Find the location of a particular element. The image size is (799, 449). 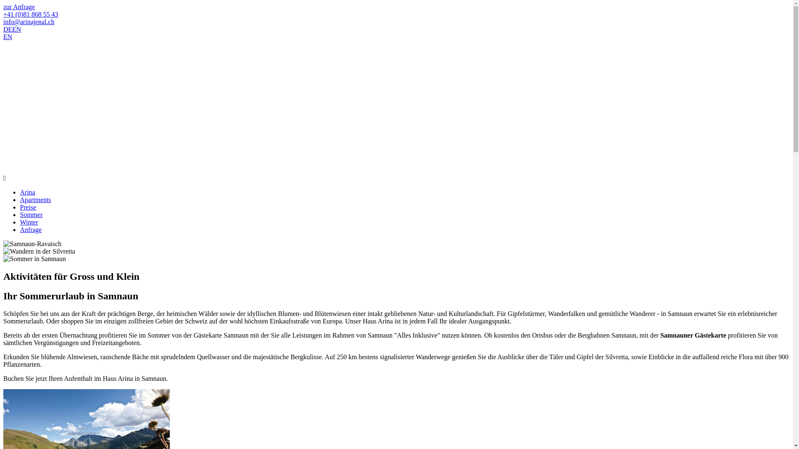

'DE' is located at coordinates (3, 29).